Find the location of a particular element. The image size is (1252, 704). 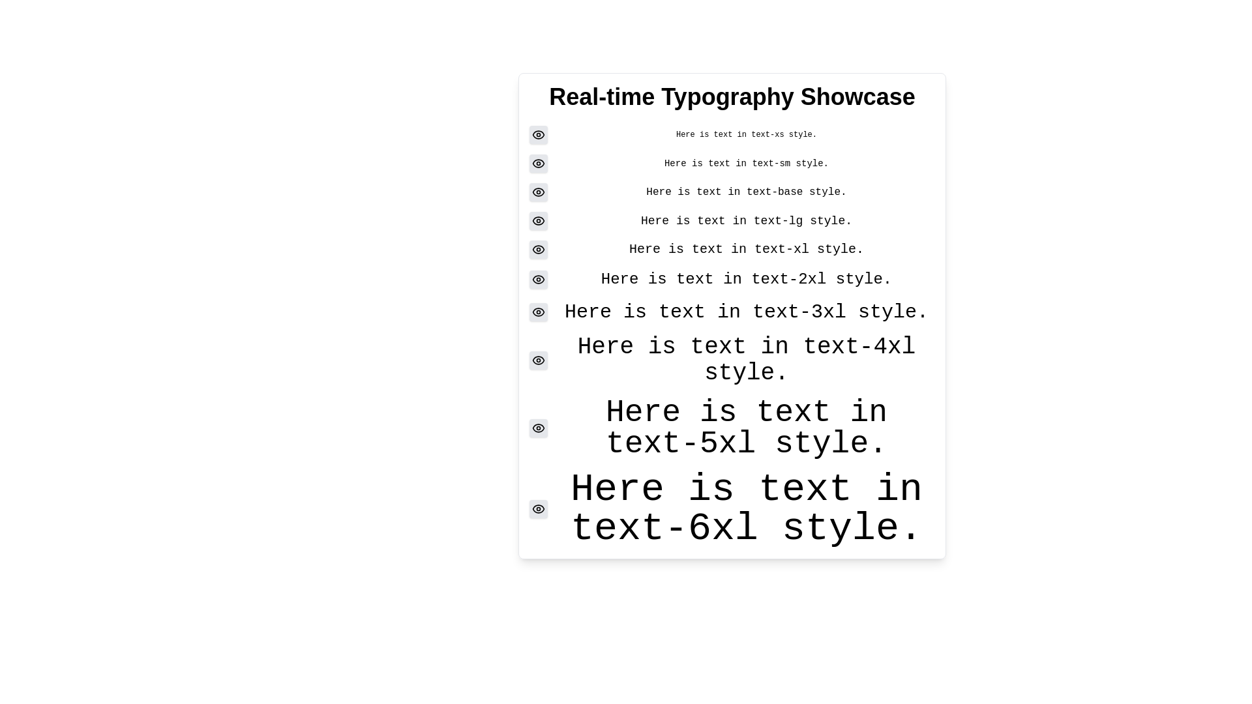

the small, square button with a light-gray background and an eye icon is located at coordinates (538, 135).